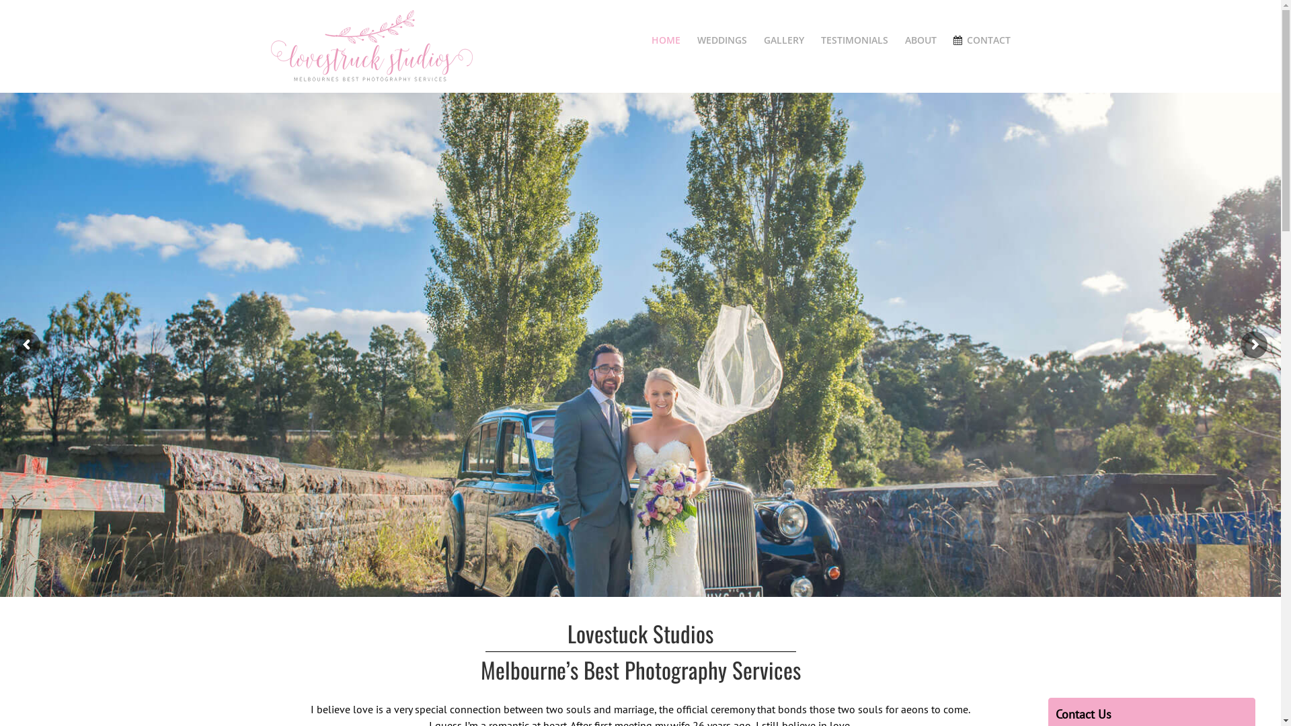  Describe the element at coordinates (666, 40) in the screenshot. I see `'HOME'` at that location.